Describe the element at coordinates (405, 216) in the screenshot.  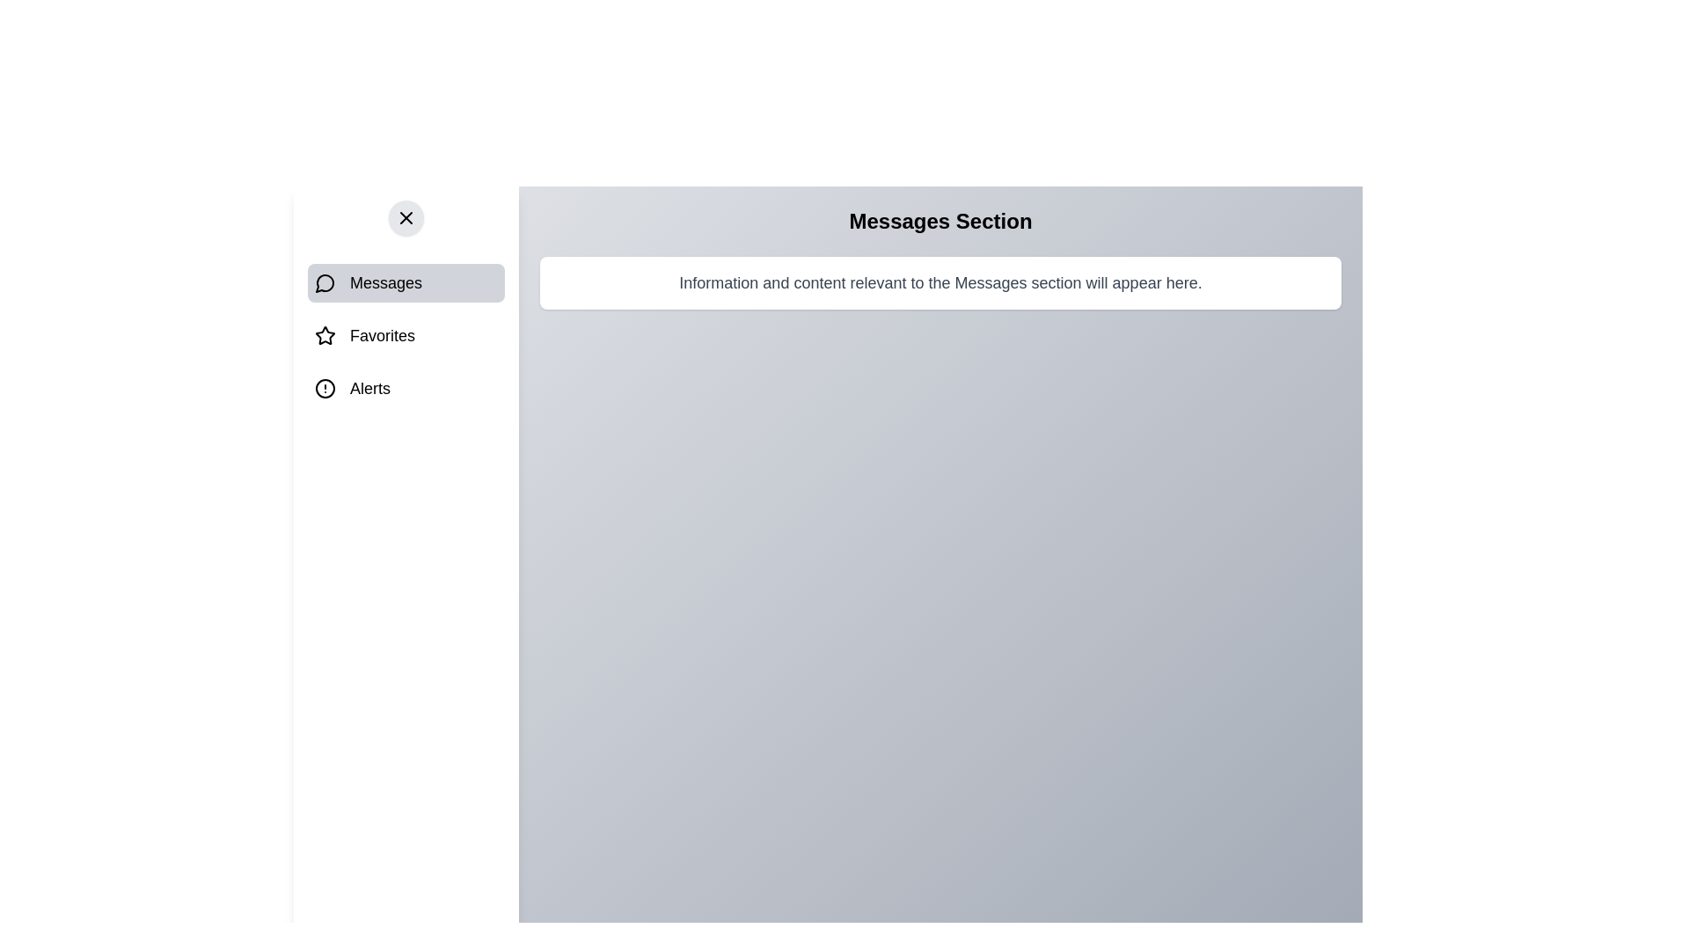
I see `toggle button located at the top-left corner of the drawer` at that location.